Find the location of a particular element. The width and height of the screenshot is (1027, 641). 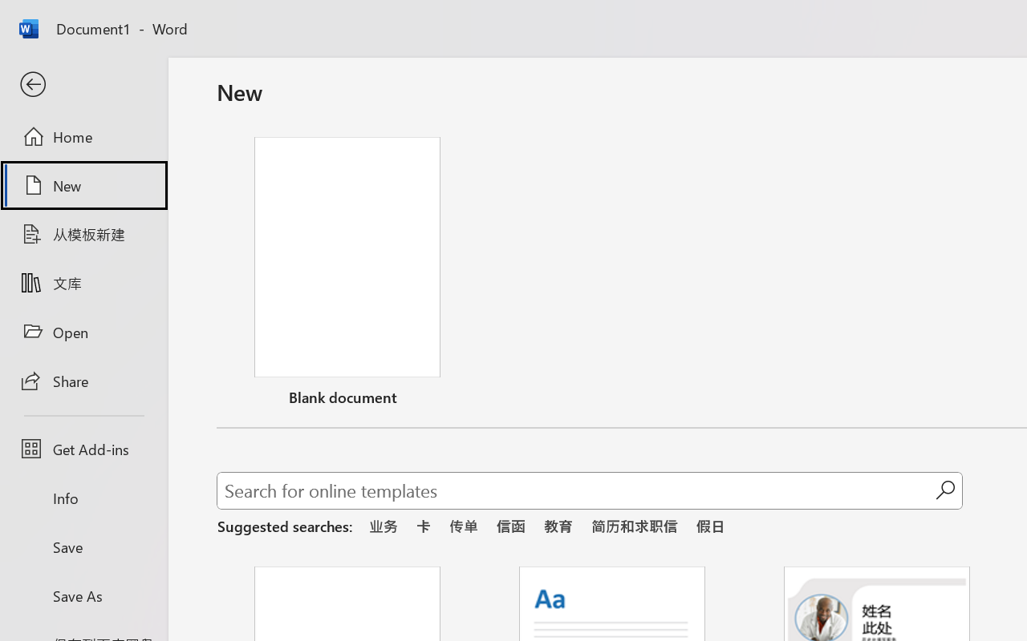

'Search for online templates' is located at coordinates (576, 494).